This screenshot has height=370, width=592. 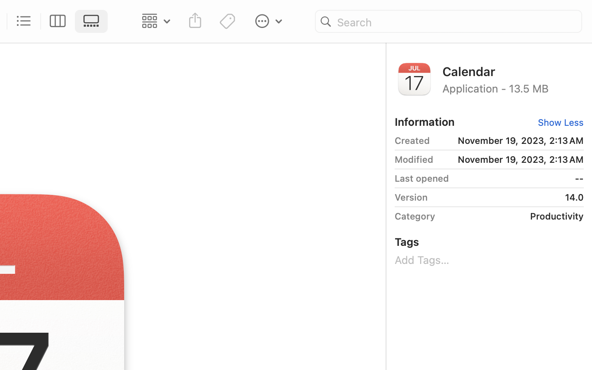 What do you see at coordinates (413, 159) in the screenshot?
I see `'Modified'` at bounding box center [413, 159].